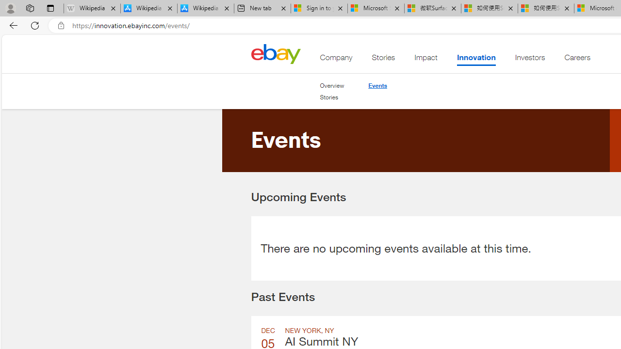 The width and height of the screenshot is (621, 349). What do you see at coordinates (476, 60) in the screenshot?
I see `'Innovation'` at bounding box center [476, 60].